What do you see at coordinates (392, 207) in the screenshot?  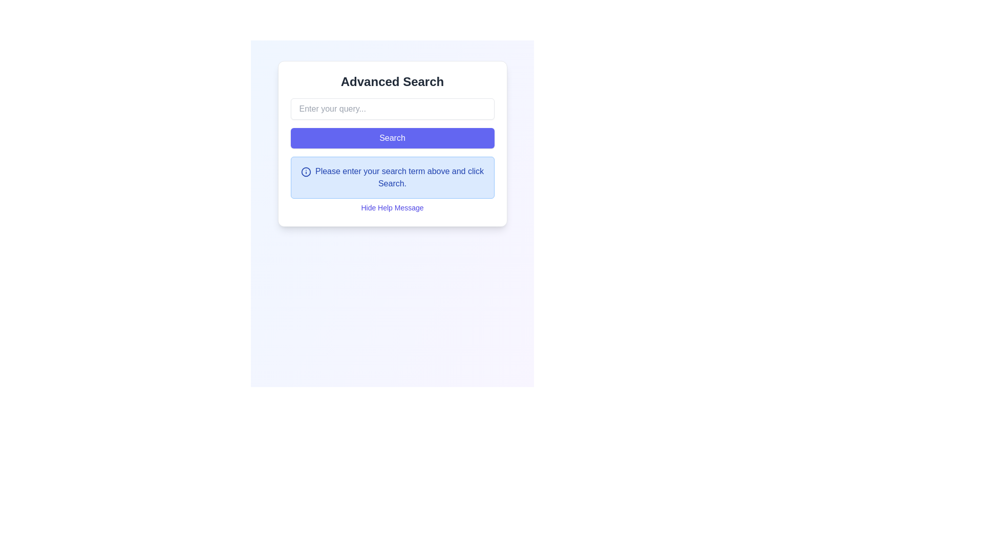 I see `the hyperlink located below the help message box` at bounding box center [392, 207].